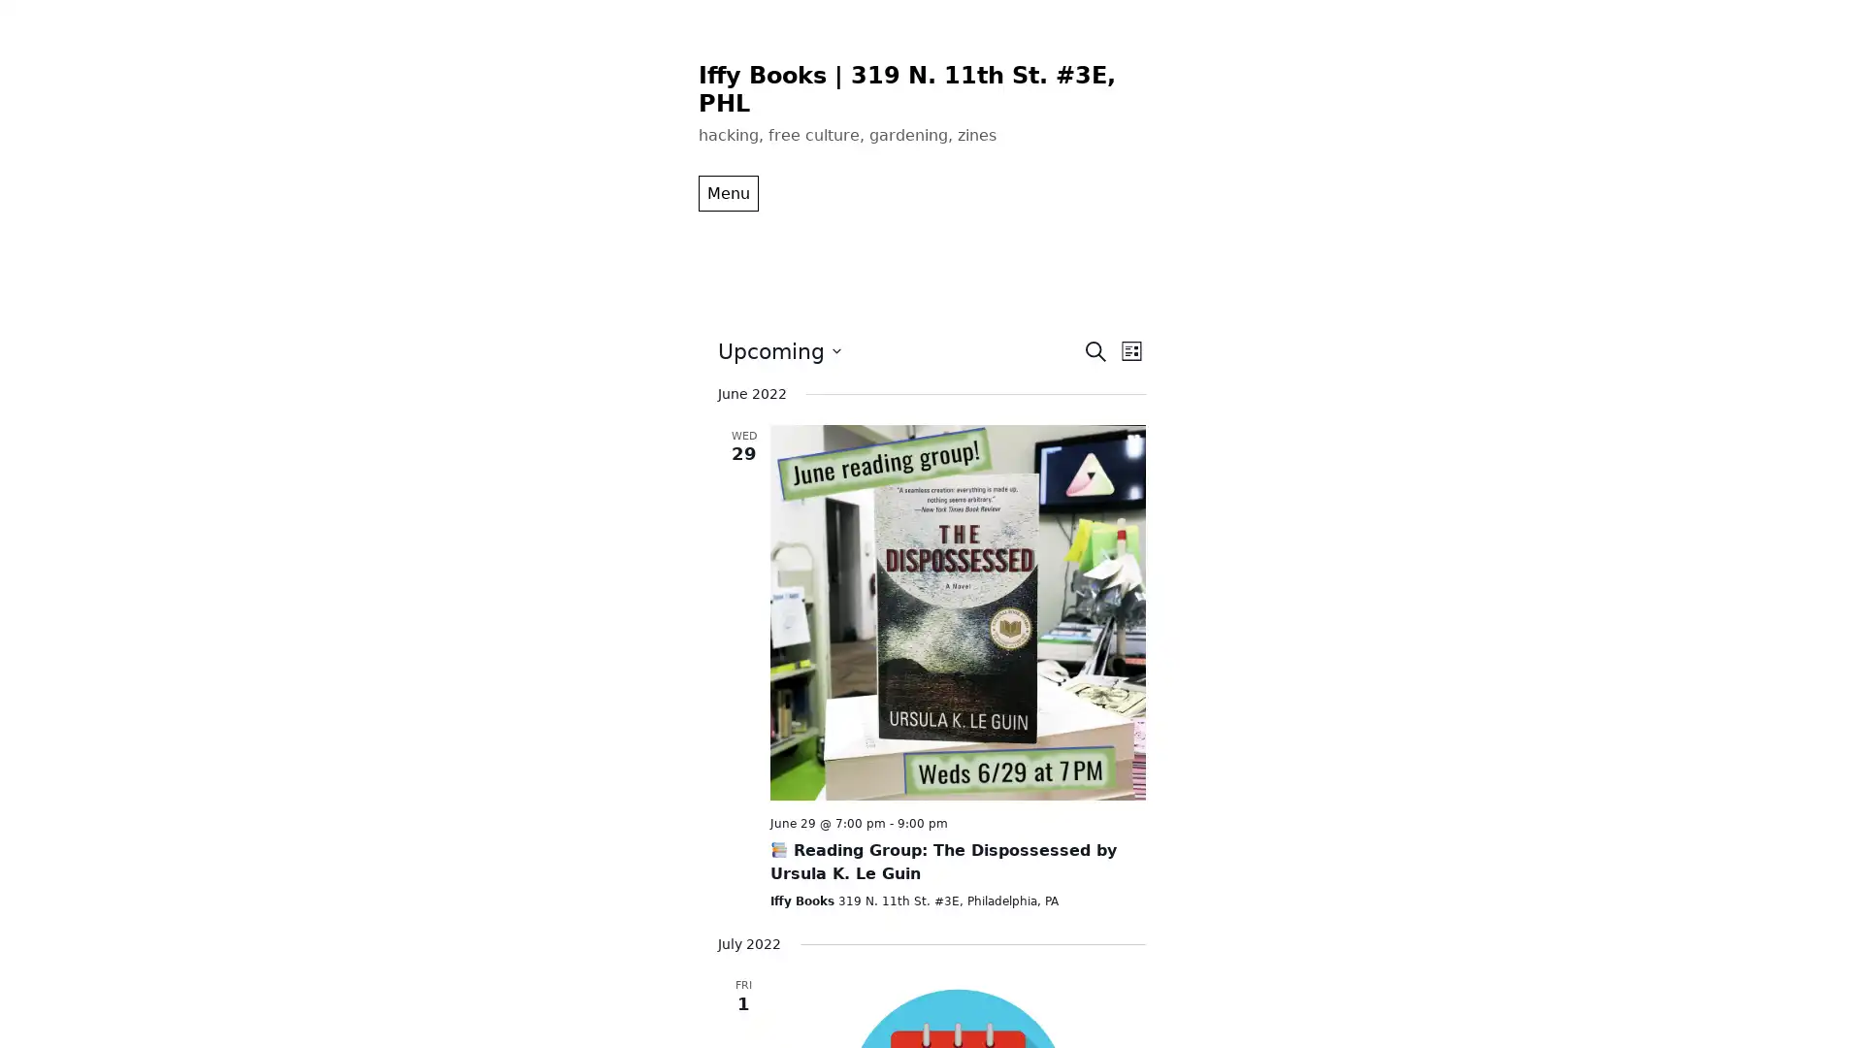 The width and height of the screenshot is (1863, 1048). Describe the element at coordinates (1095, 350) in the screenshot. I see `Search` at that location.